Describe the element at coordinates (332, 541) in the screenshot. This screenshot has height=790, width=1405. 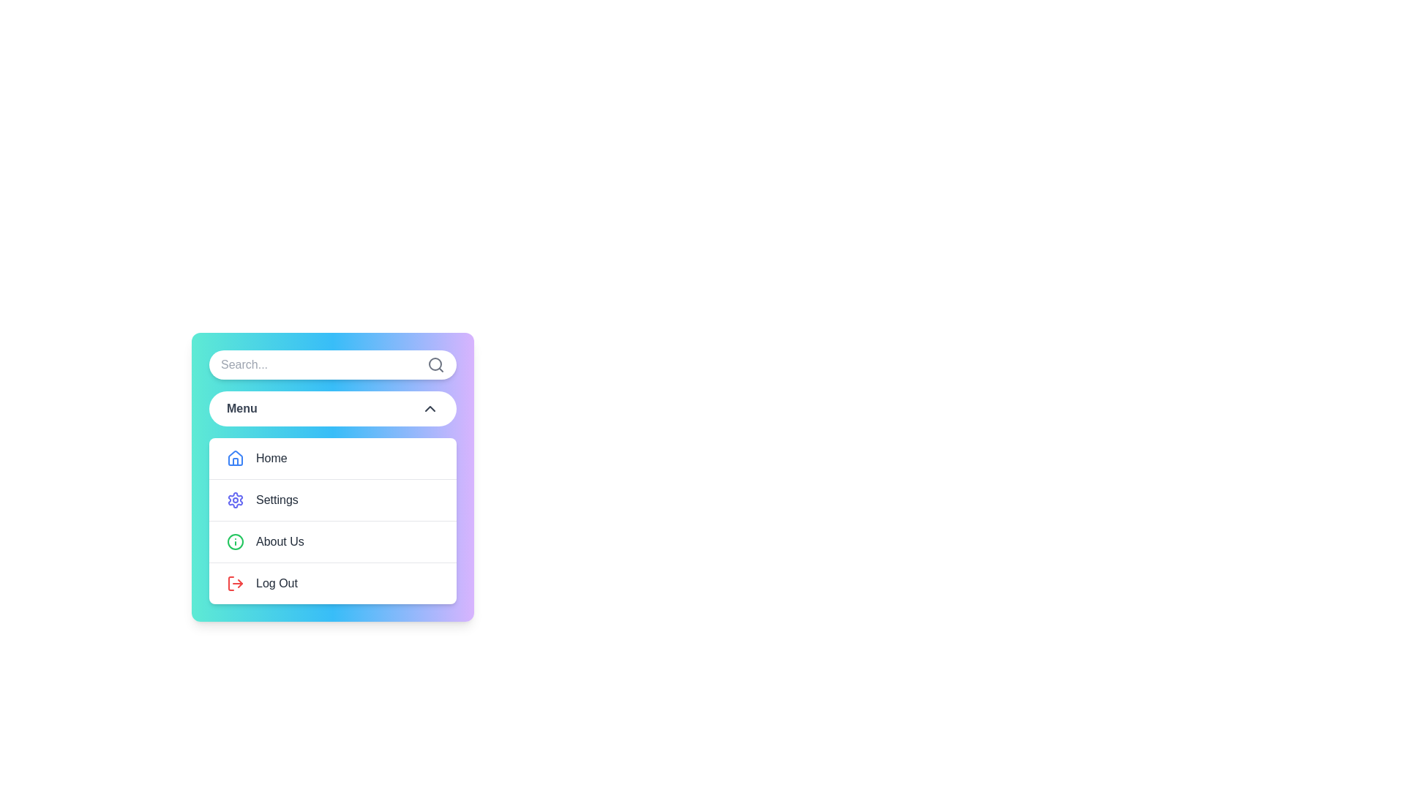
I see `the third item in the vertical list of menu options` at that location.